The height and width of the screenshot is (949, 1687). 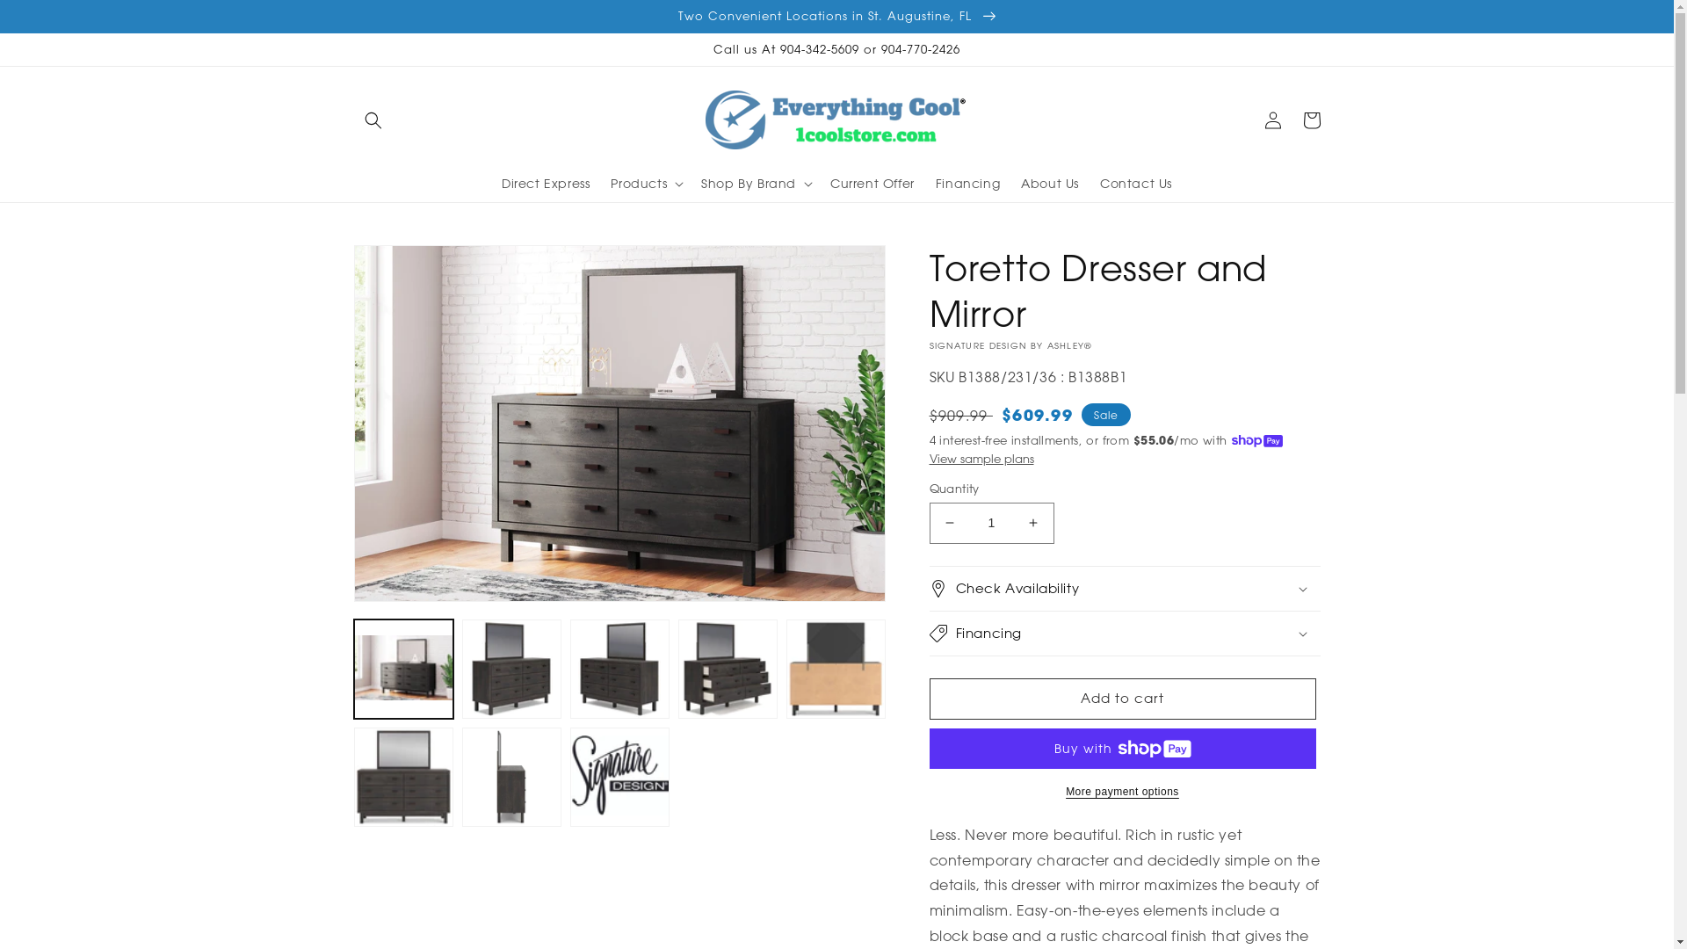 I want to click on 'Contact Us', so click(x=1135, y=183).